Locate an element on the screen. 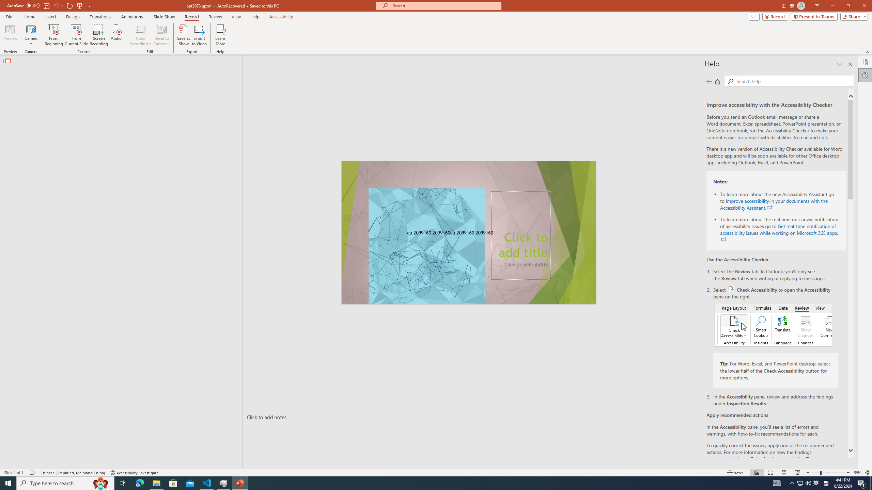  'TextBox 61' is located at coordinates (468, 233).